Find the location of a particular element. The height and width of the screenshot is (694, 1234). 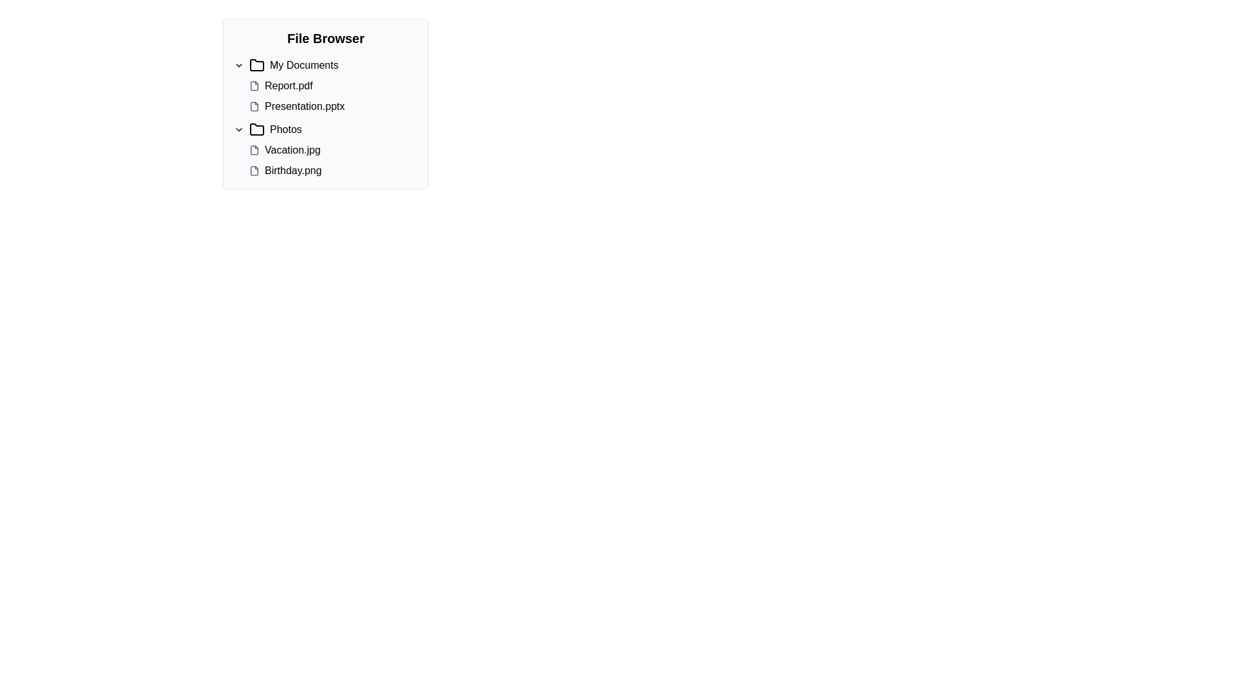

on the folder icon, which is a black outlined folder icon located next is located at coordinates (256, 65).